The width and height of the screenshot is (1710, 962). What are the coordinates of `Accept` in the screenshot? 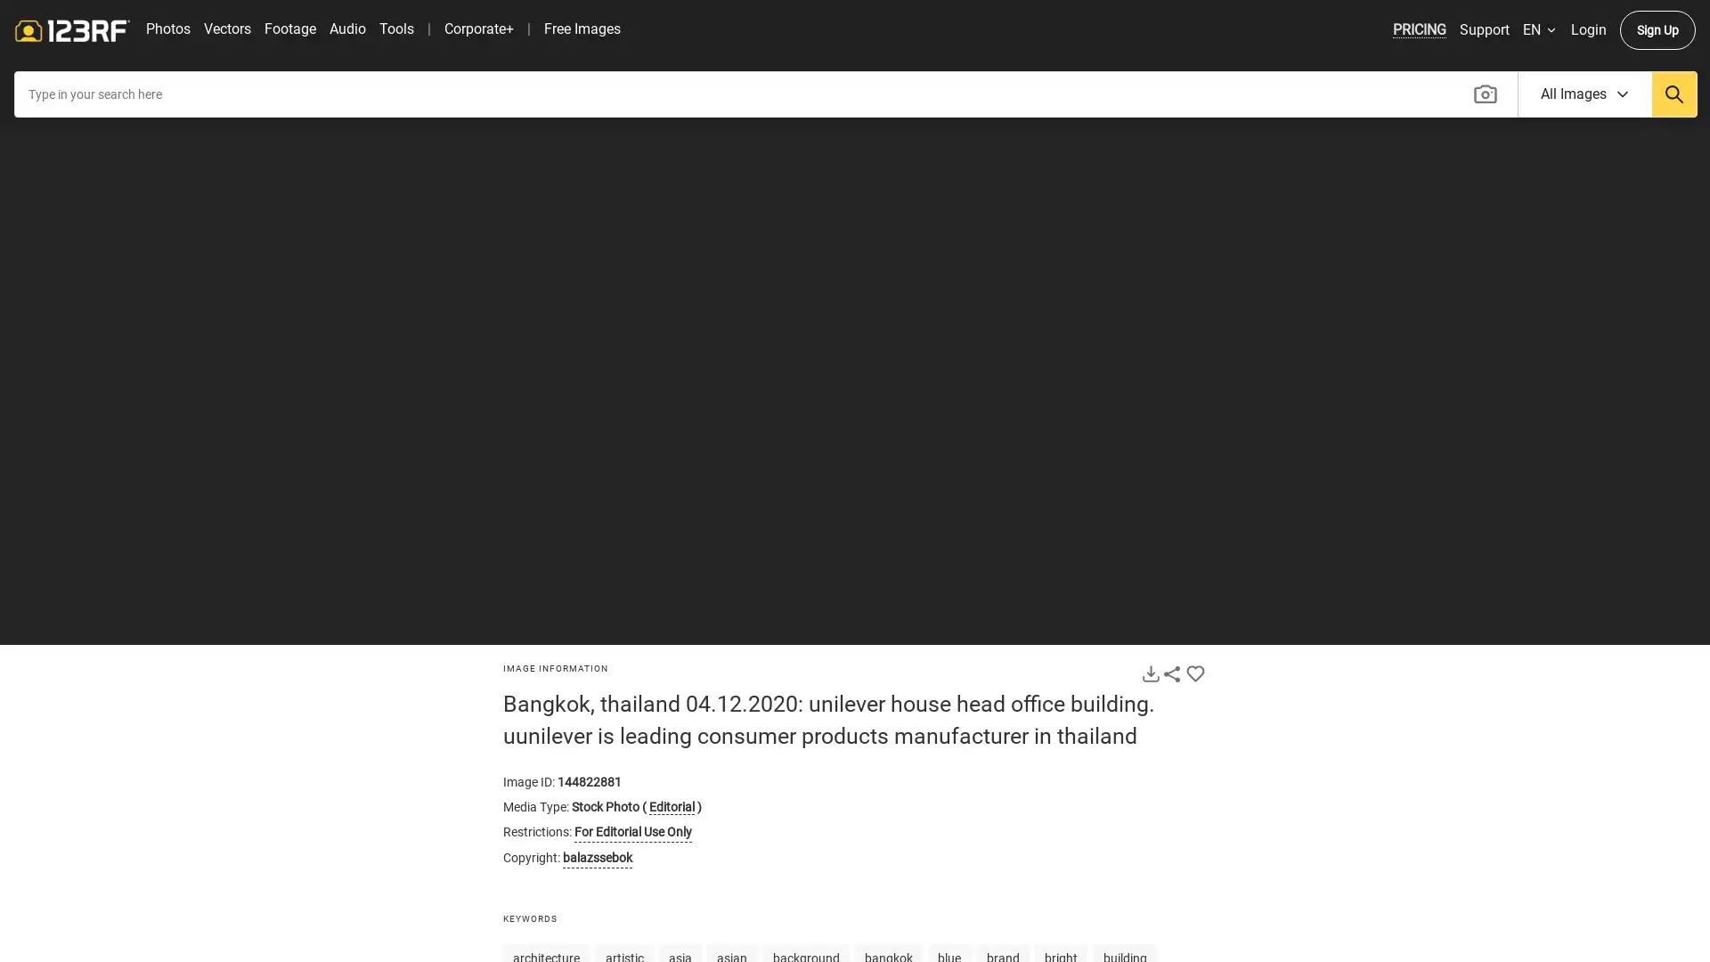 It's located at (1123, 30).